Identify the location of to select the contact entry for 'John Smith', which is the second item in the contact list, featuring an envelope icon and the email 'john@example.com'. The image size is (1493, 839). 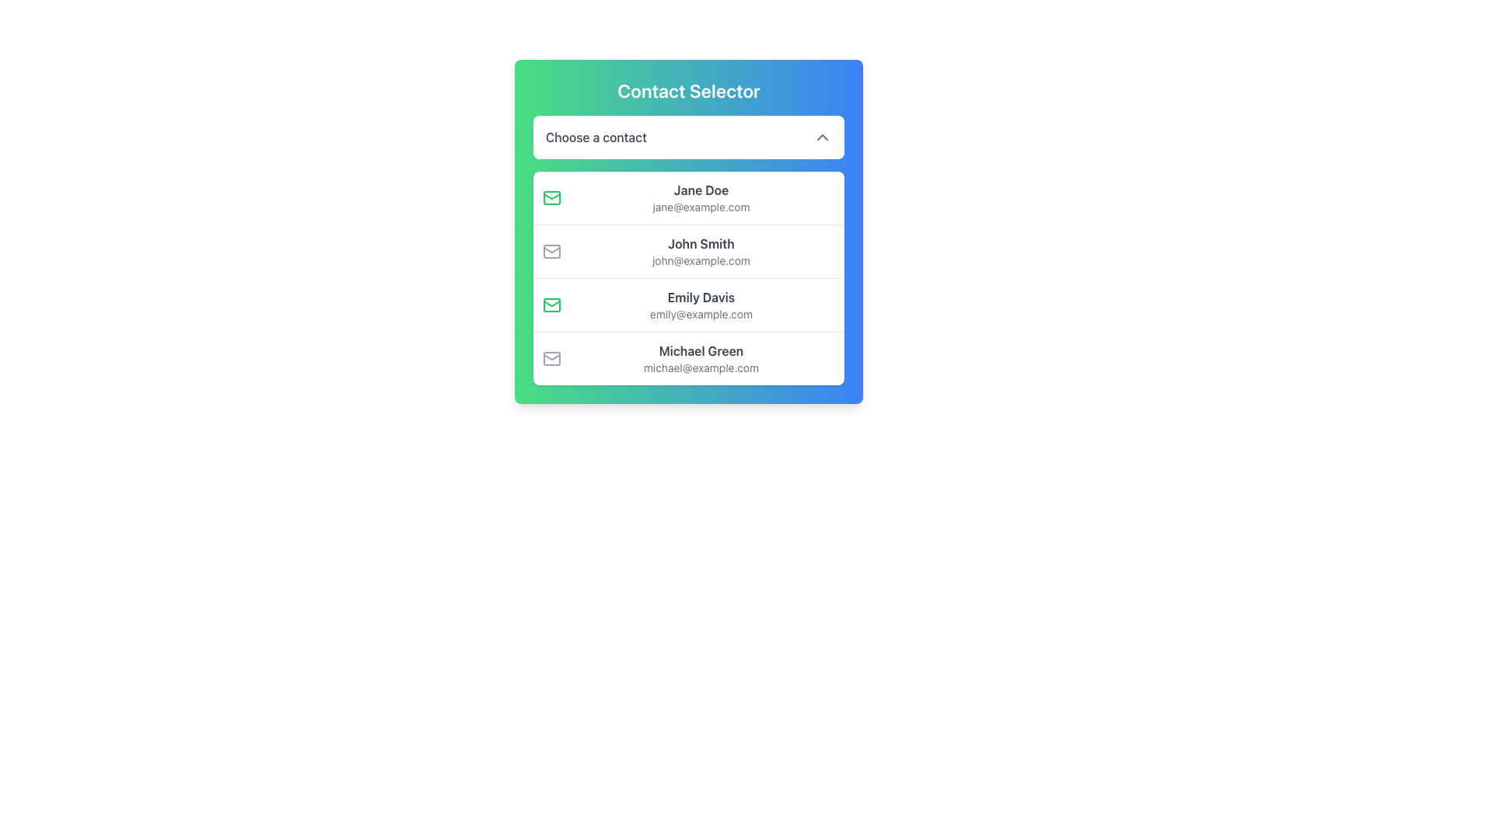
(688, 250).